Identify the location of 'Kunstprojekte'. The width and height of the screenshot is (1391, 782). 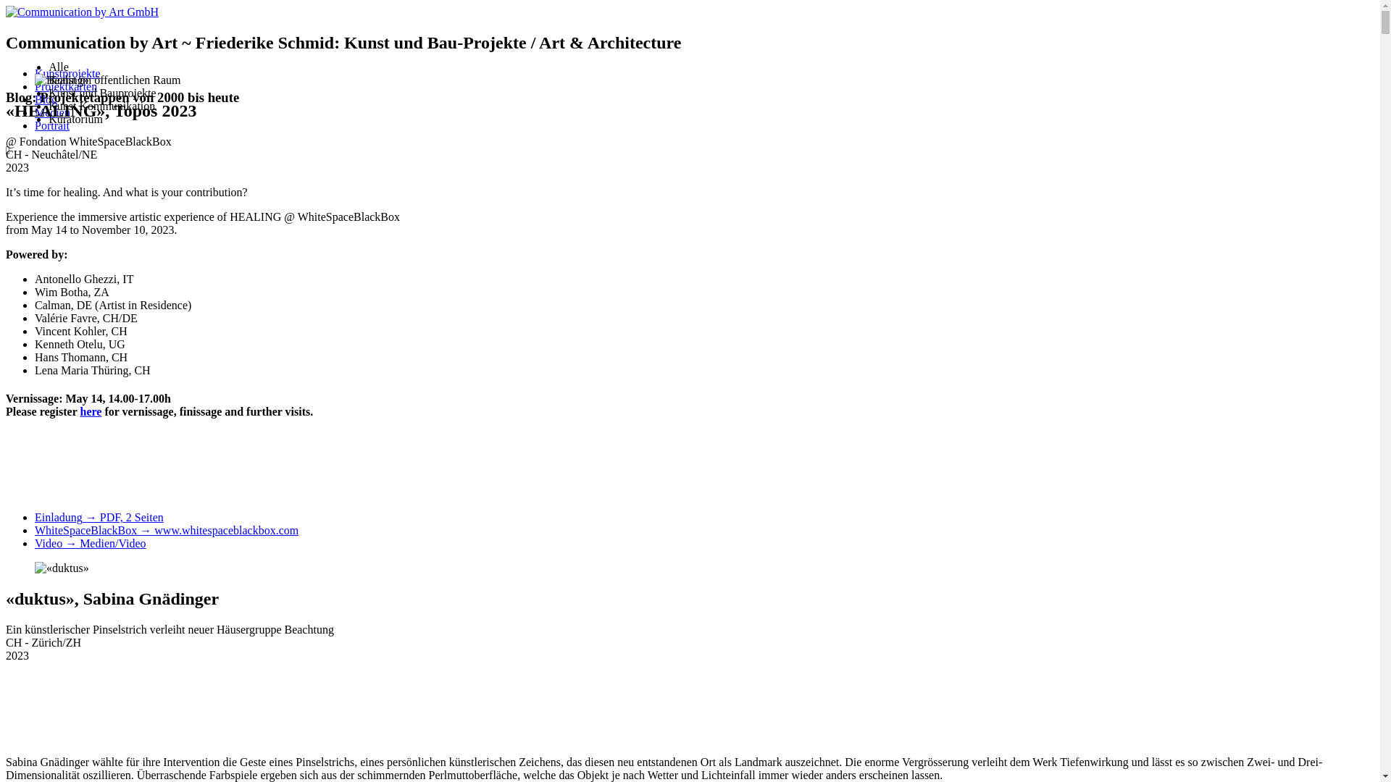
(67, 73).